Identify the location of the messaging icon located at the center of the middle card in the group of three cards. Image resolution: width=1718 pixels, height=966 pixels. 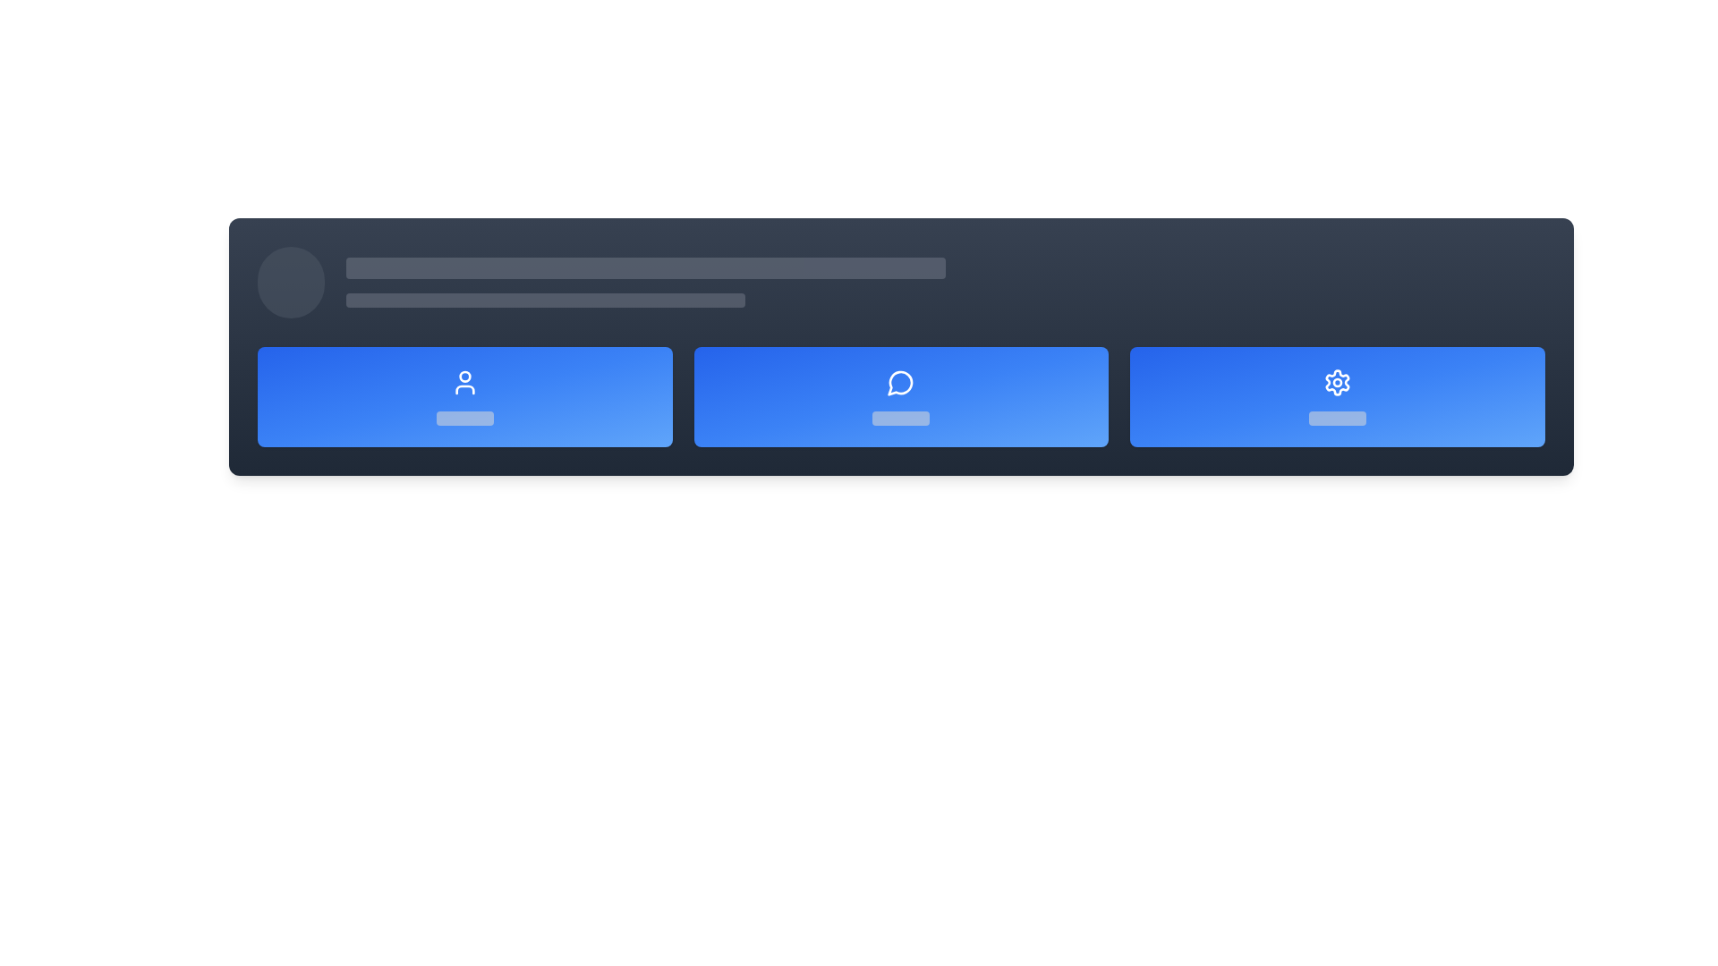
(901, 382).